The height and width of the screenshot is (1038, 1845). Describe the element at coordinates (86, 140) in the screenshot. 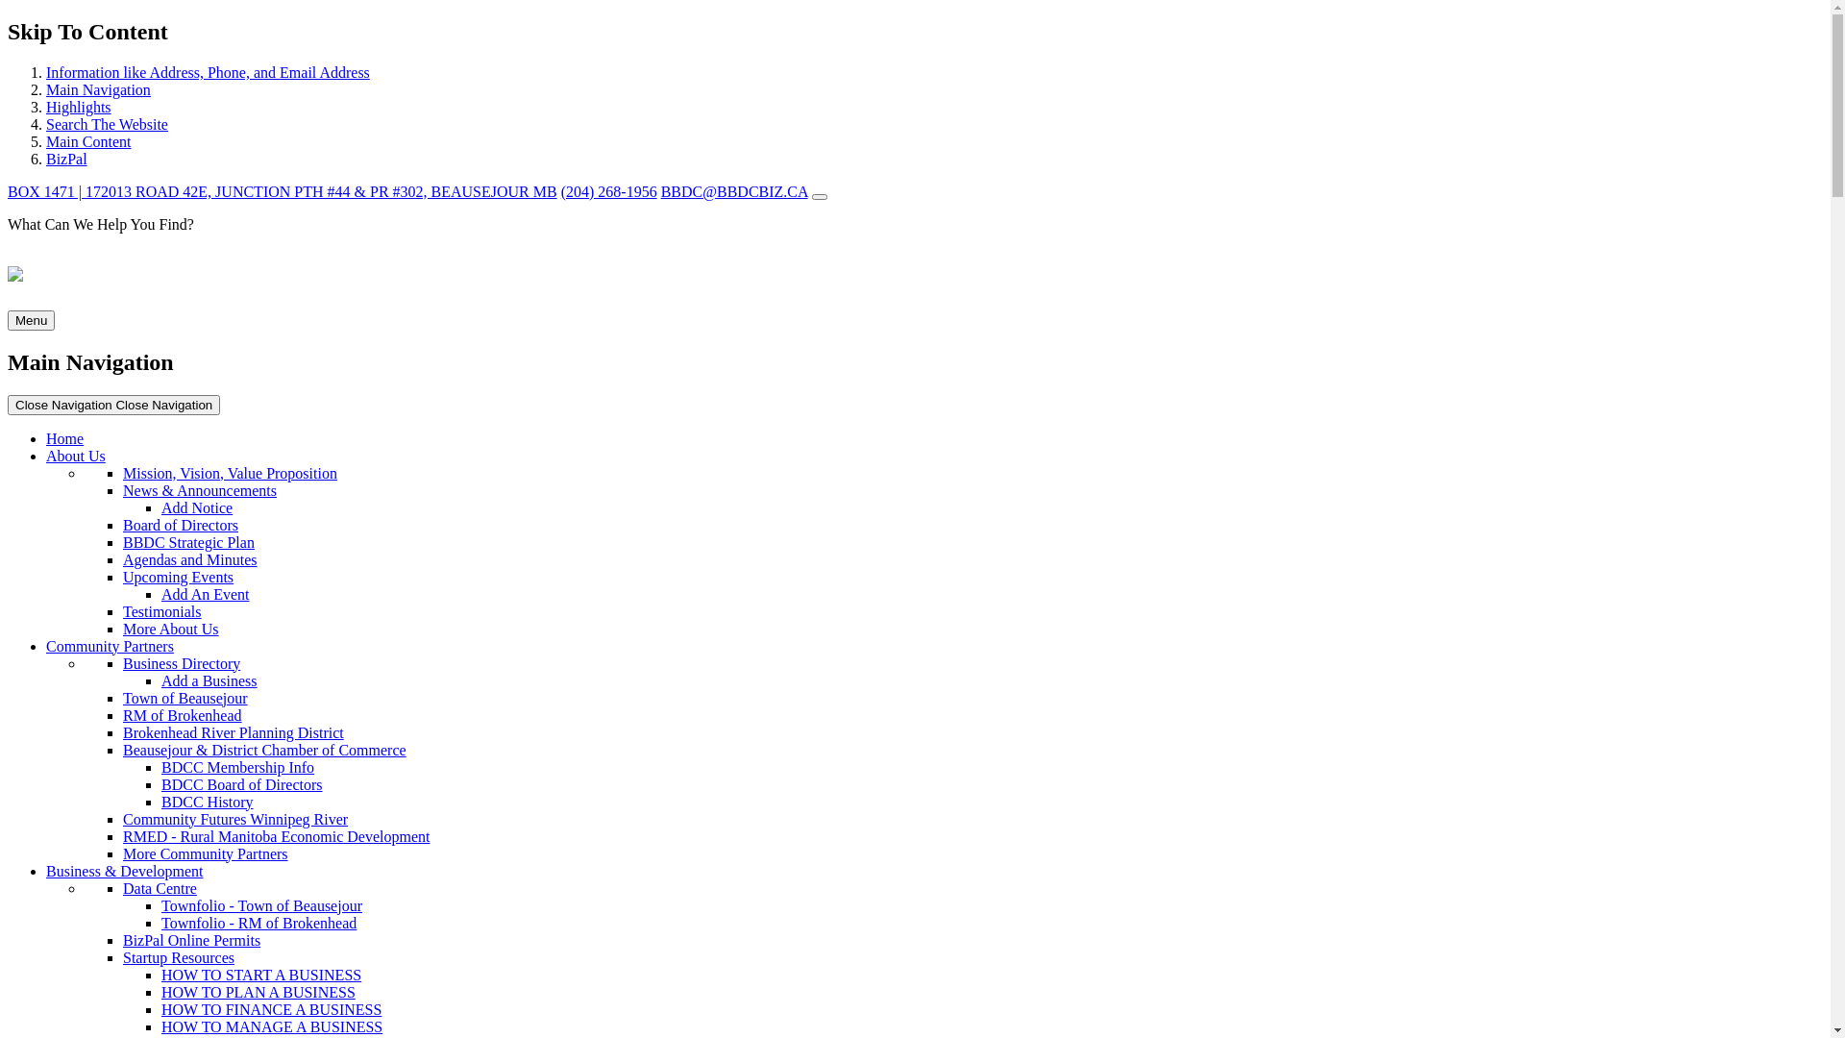

I see `'Main Content'` at that location.